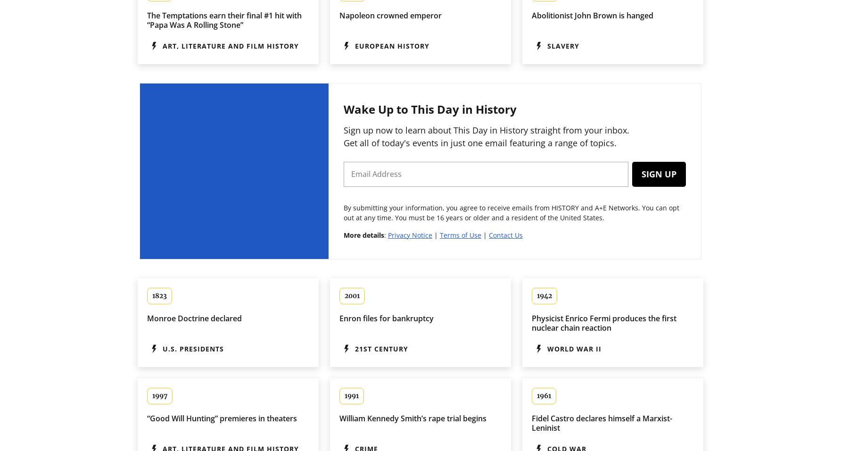  Describe the element at coordinates (537, 395) in the screenshot. I see `'1961'` at that location.